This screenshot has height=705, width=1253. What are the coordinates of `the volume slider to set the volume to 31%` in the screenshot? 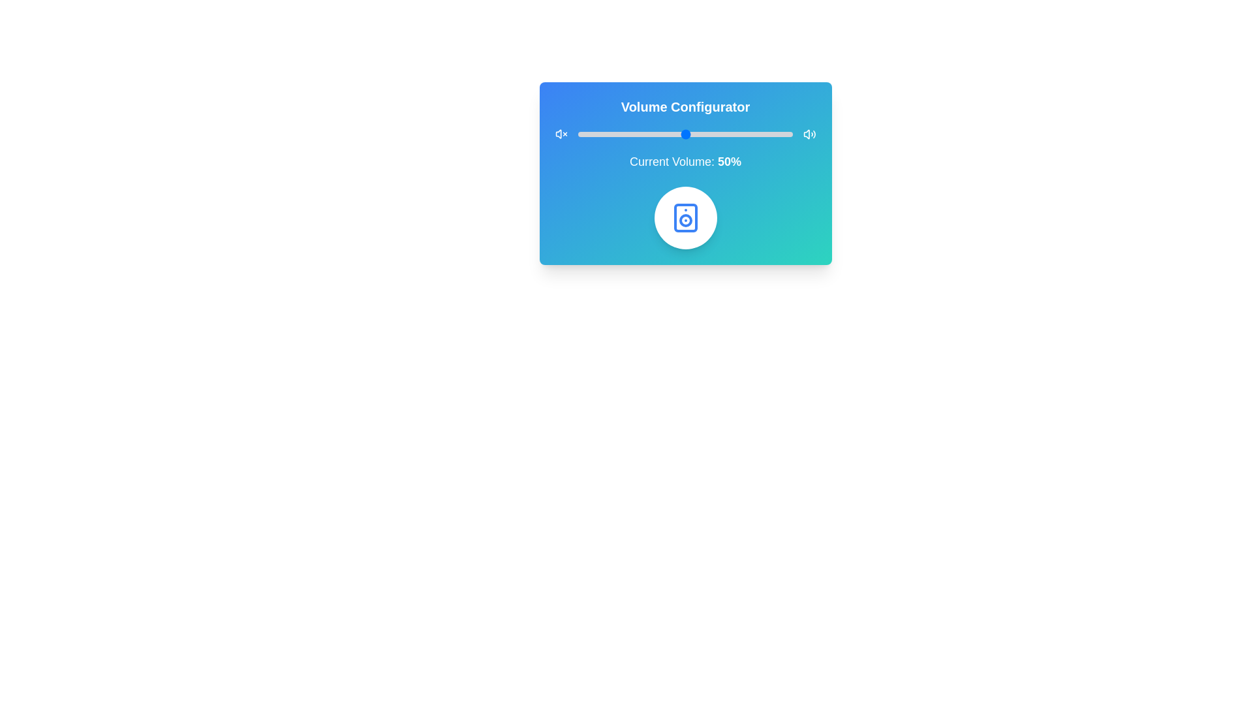 It's located at (645, 134).